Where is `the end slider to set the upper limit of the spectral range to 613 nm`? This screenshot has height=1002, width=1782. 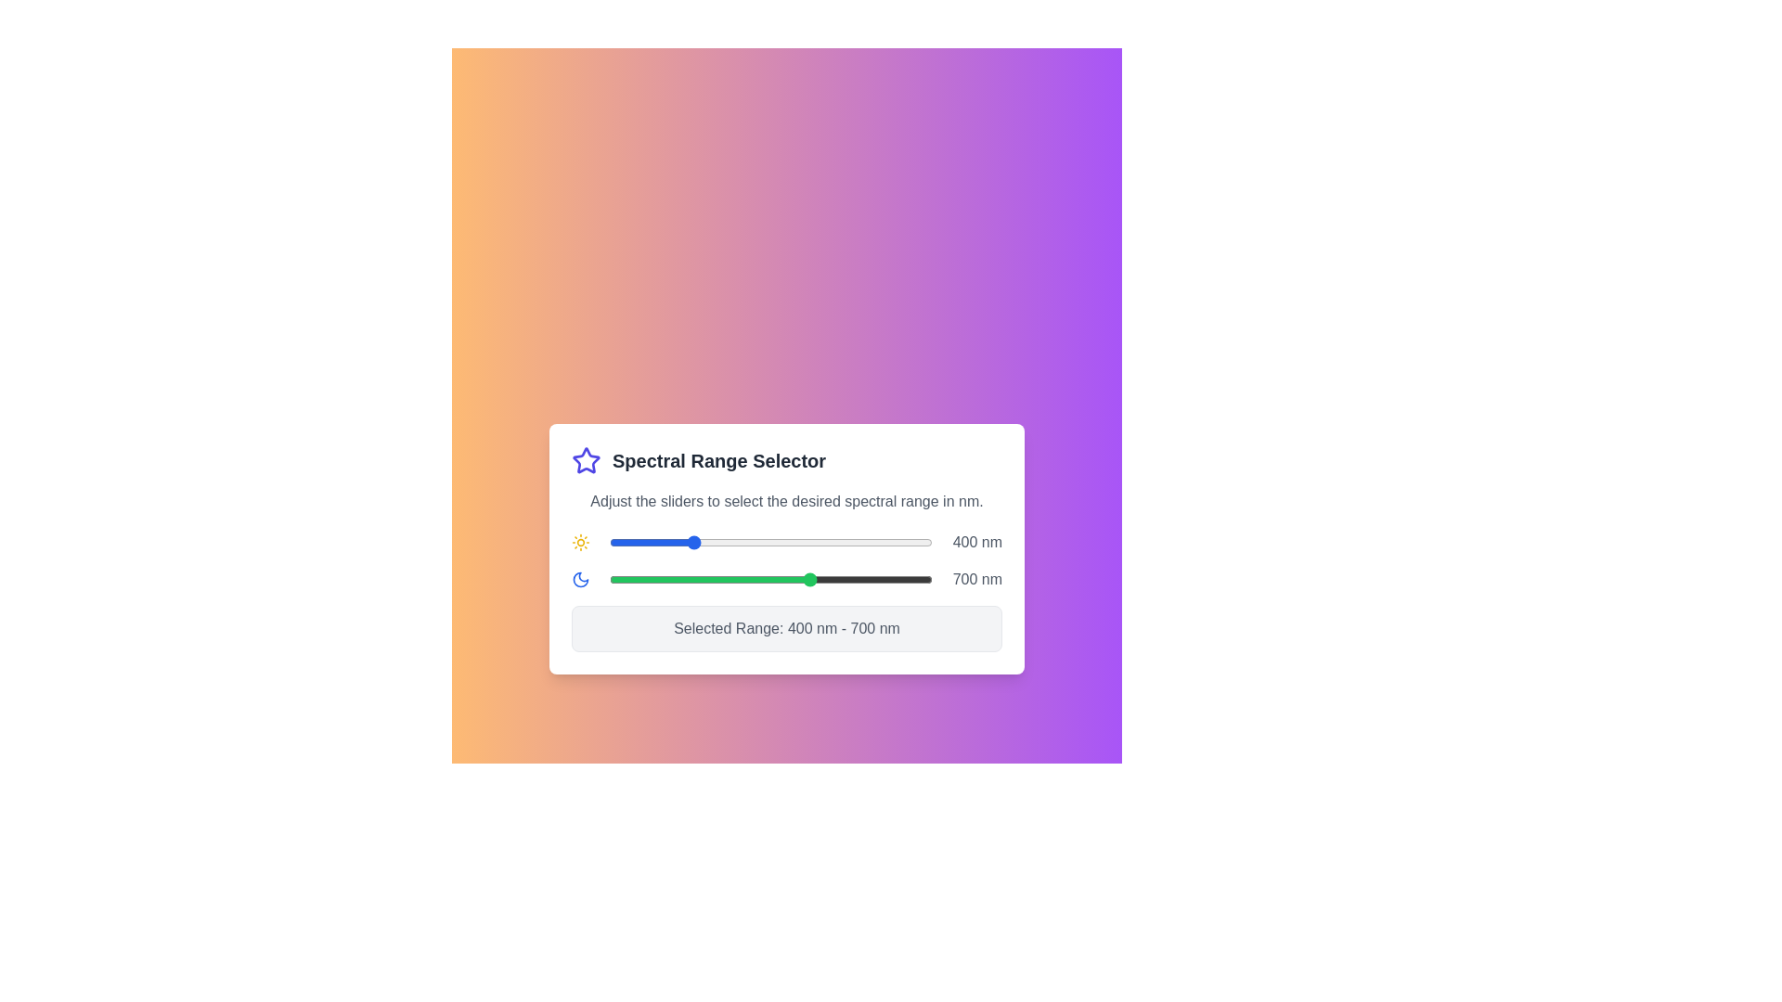 the end slider to set the upper limit of the spectral range to 613 nm is located at coordinates (776, 578).